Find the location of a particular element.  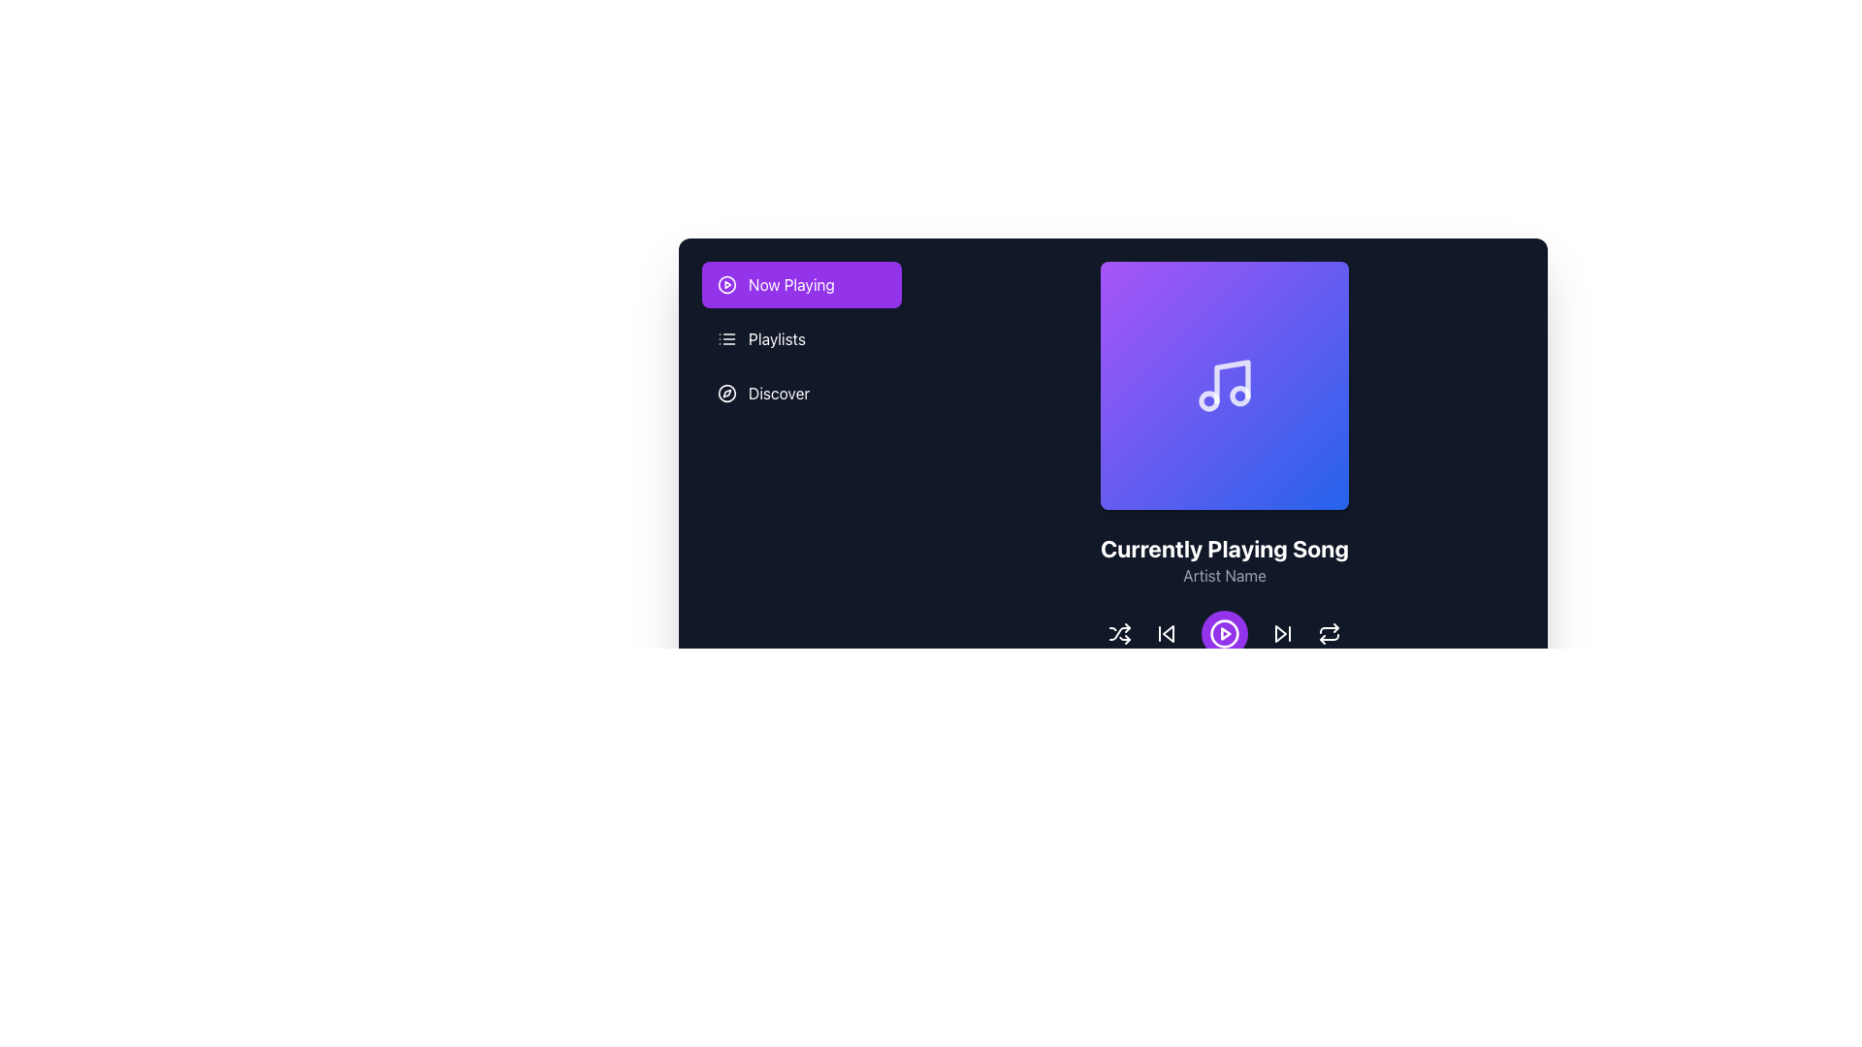

the graphical circle, which is part of the SVG icon in the center of the play button interface located beneath the purple song thumbnail is located at coordinates (725, 284).